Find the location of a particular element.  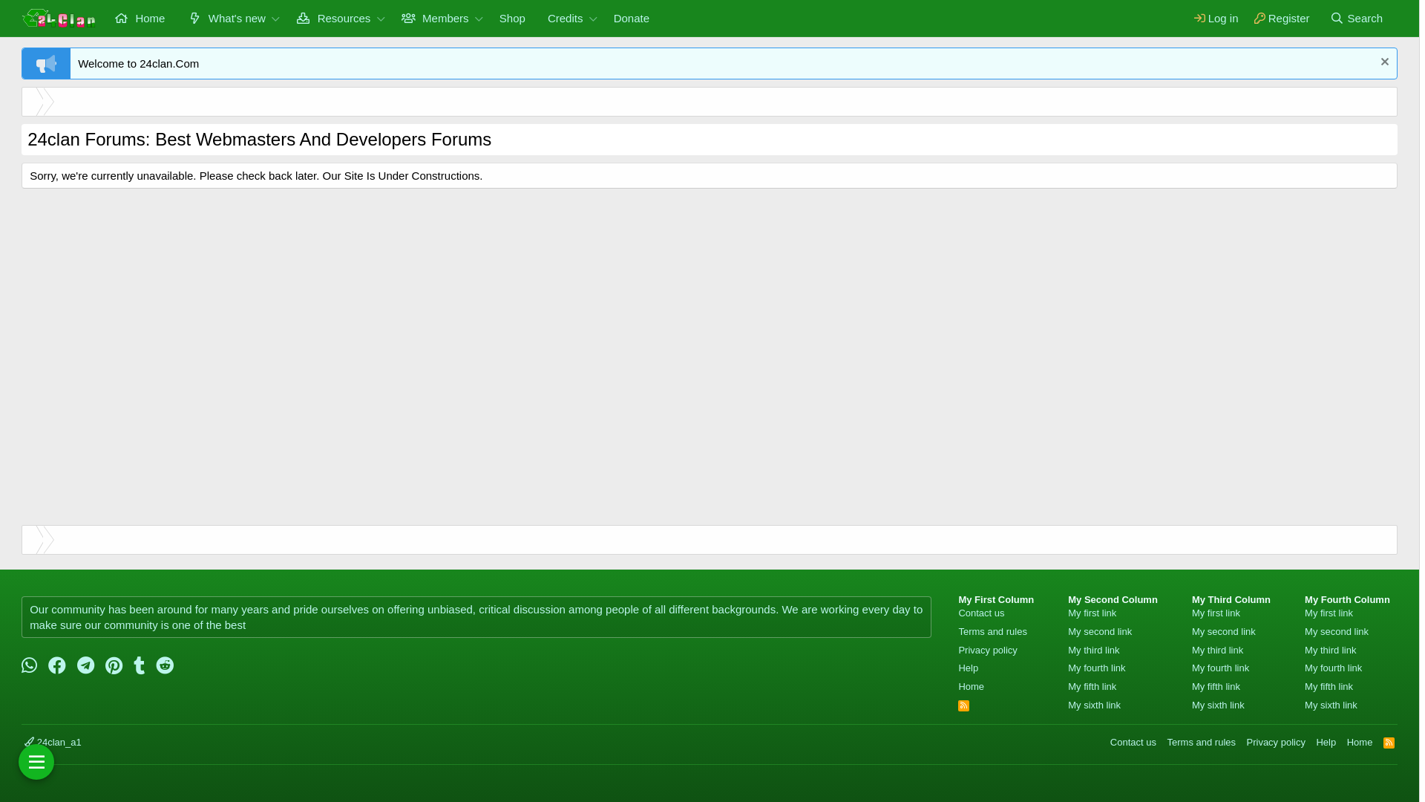

'My second link' is located at coordinates (1100, 631).